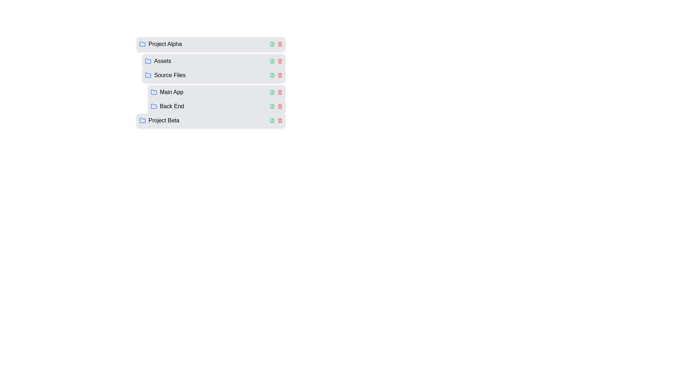 The image size is (679, 382). What do you see at coordinates (159, 120) in the screenshot?
I see `the list item labeled 'Project Beta'` at bounding box center [159, 120].